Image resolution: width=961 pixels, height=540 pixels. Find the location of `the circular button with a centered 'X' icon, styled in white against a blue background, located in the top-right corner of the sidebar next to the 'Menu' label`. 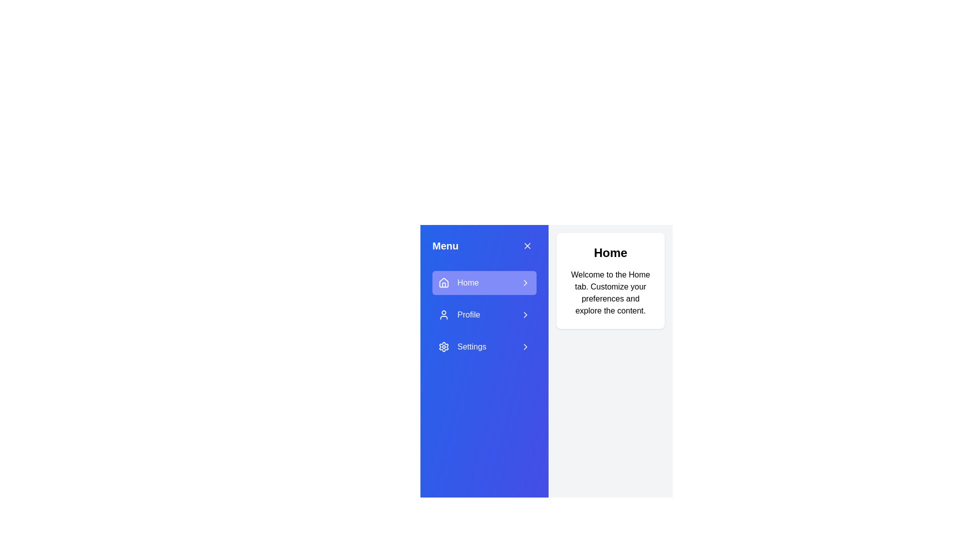

the circular button with a centered 'X' icon, styled in white against a blue background, located in the top-right corner of the sidebar next to the 'Menu' label is located at coordinates (527, 246).